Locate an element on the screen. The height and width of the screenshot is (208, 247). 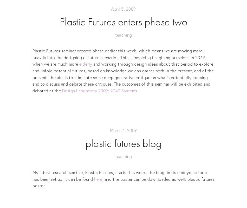
'March 1, 2009' is located at coordinates (123, 130).